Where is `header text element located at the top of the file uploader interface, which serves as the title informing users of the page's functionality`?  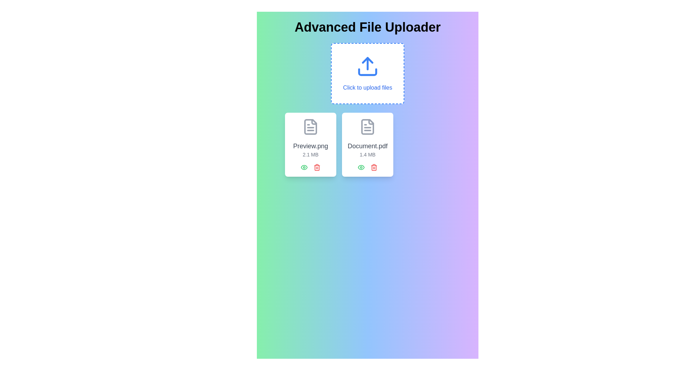 header text element located at the top of the file uploader interface, which serves as the title informing users of the page's functionality is located at coordinates (368, 27).